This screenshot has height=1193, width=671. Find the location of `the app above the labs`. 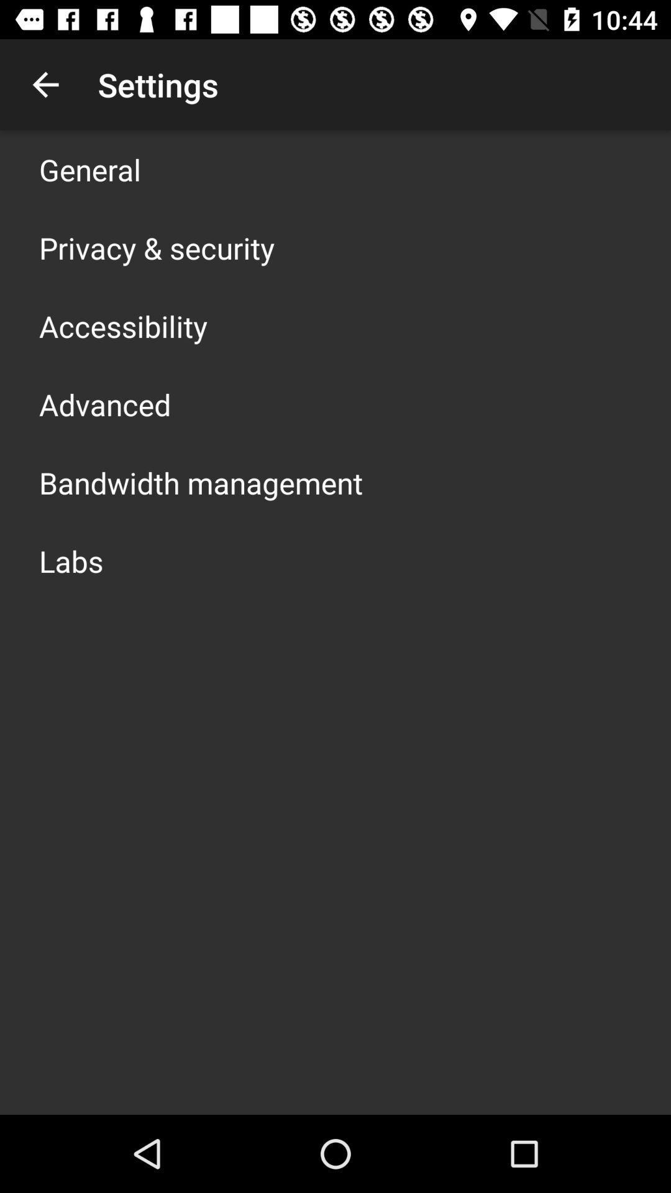

the app above the labs is located at coordinates (200, 482).